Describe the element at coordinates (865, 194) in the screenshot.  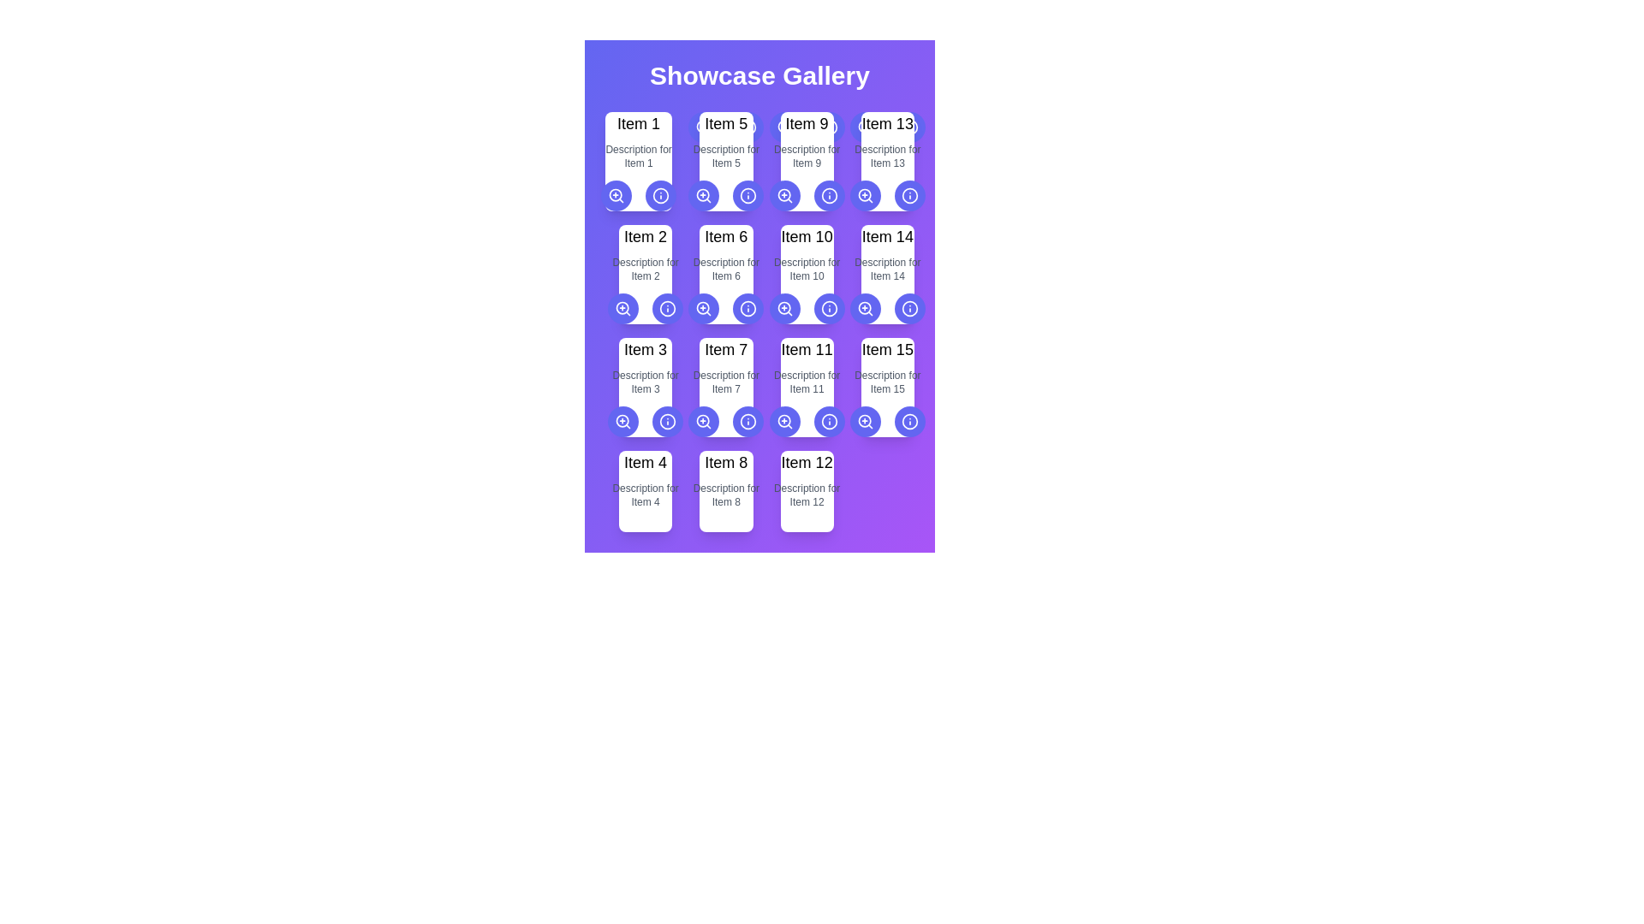
I see `the zoom-in button located in the fourth row and fourth column of the 'Item 13' card` at that location.